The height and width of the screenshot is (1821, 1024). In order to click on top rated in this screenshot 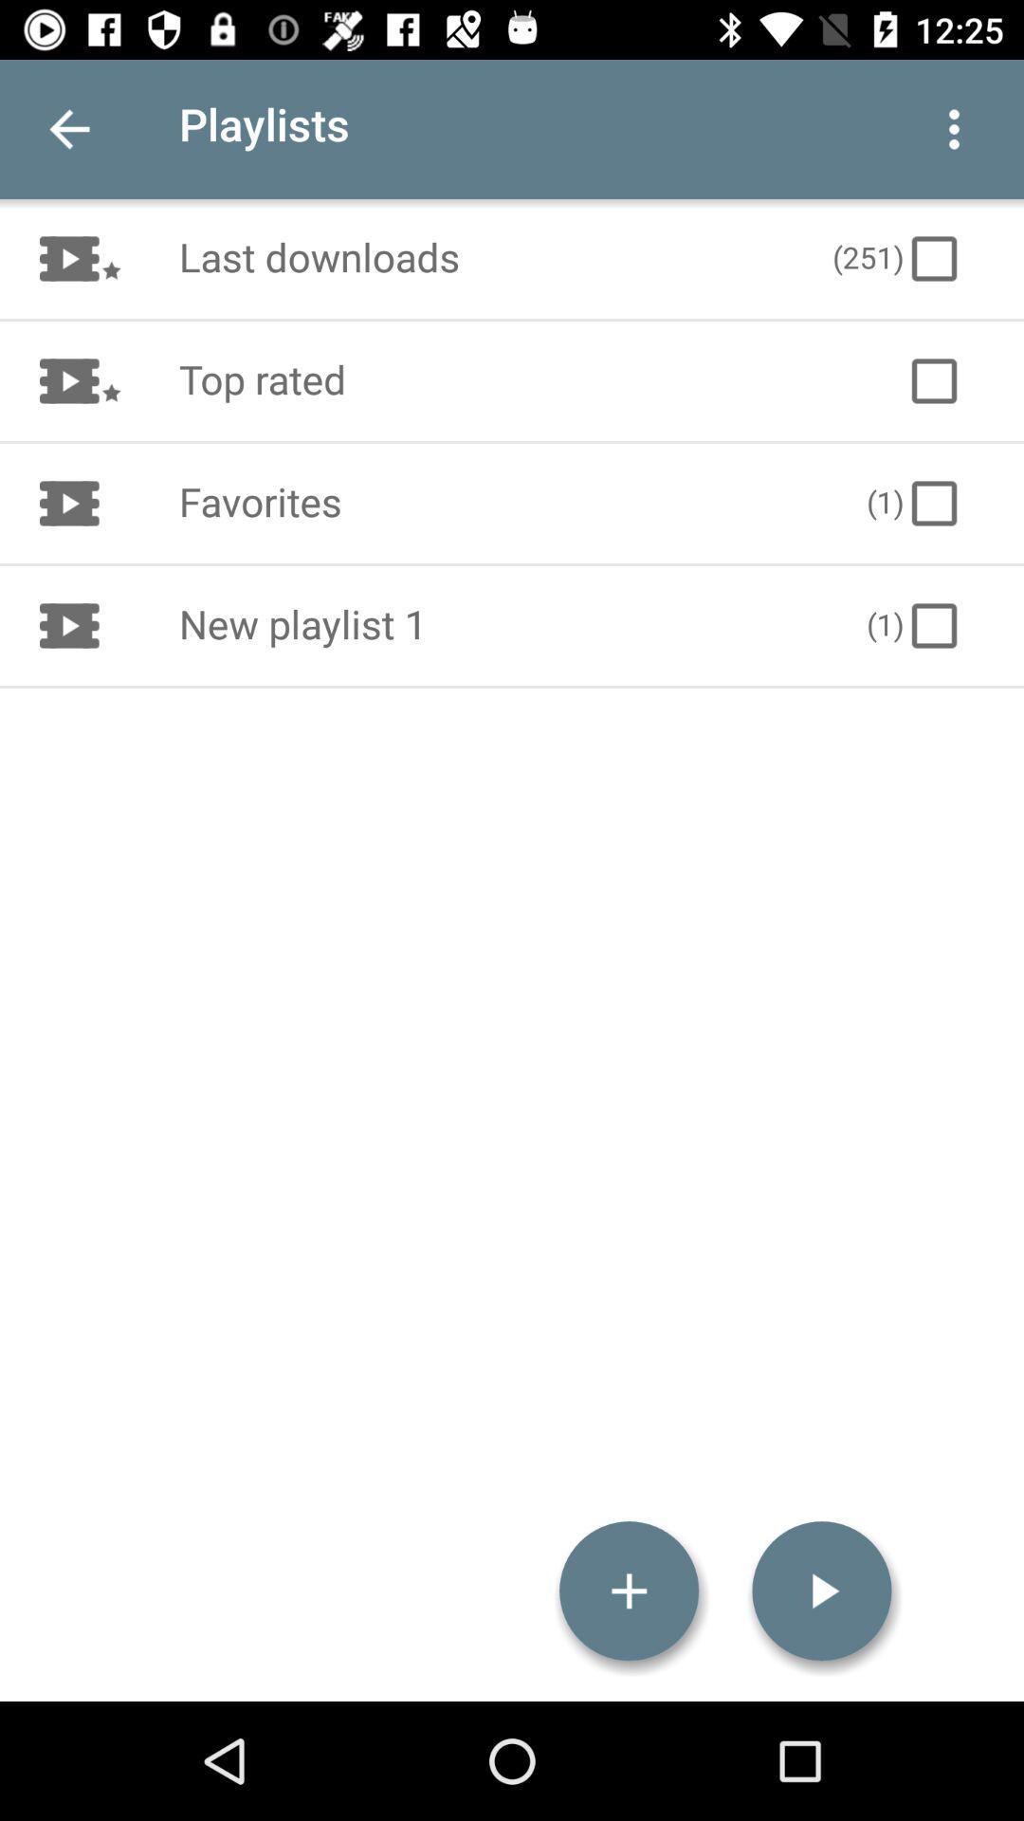, I will do `click(521, 380)`.